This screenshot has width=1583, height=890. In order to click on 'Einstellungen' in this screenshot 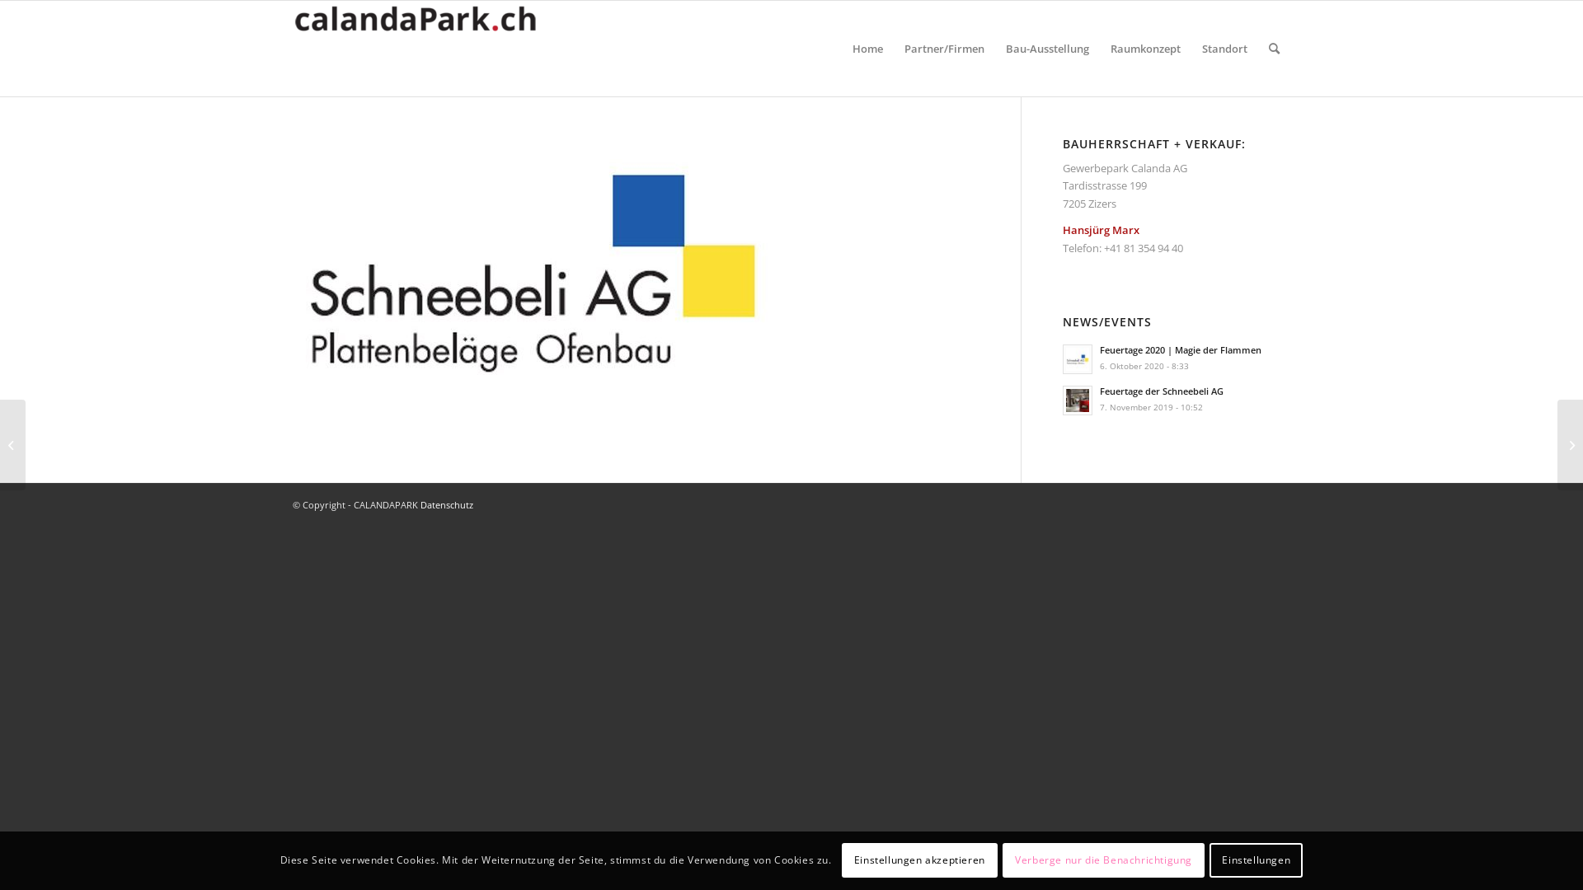, I will do `click(1255, 860)`.